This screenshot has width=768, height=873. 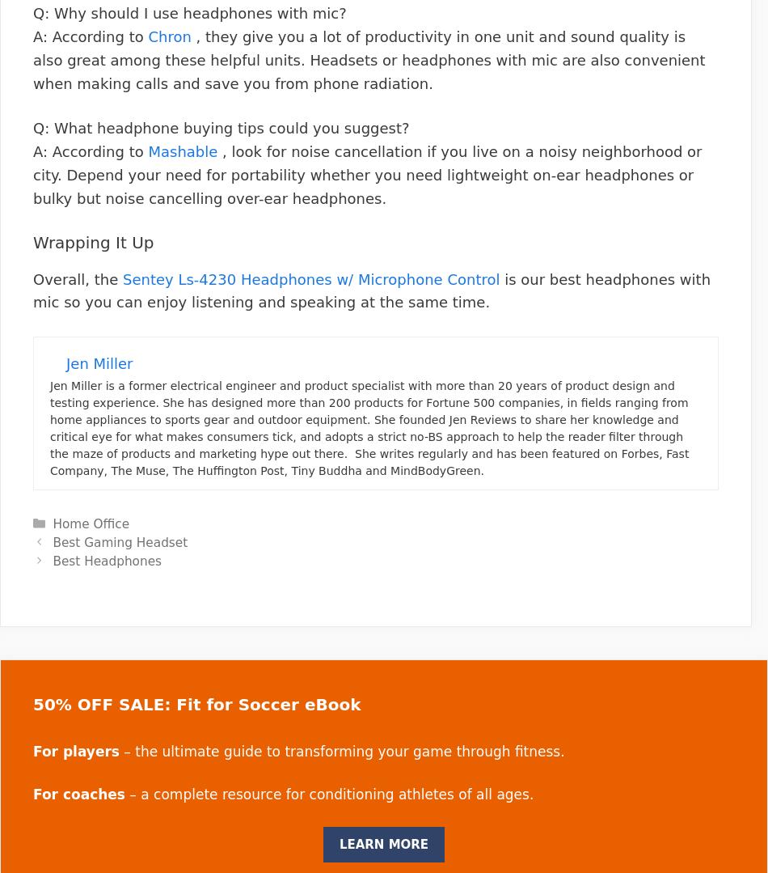 What do you see at coordinates (369, 428) in the screenshot?
I see `'Jen Miller is a former electrical engineer and product specialist with more than 20 years of product design and testing experience. She has designed more than 200 products for Fortune 500 companies, in fields ranging from home appliances to sports gear and outdoor equipment. She founded Jen Reviews to share her knowledge and critical eye for what makes consumers tick, and adopts a strict no-BS approach to help the reader filter through the maze of products and marketing hype out there.  She writes regularly and has been featured on Forbes, Fast Company, The Muse, The Huffington Post, Tiny Buddha and MindBodyGreen.'` at bounding box center [369, 428].